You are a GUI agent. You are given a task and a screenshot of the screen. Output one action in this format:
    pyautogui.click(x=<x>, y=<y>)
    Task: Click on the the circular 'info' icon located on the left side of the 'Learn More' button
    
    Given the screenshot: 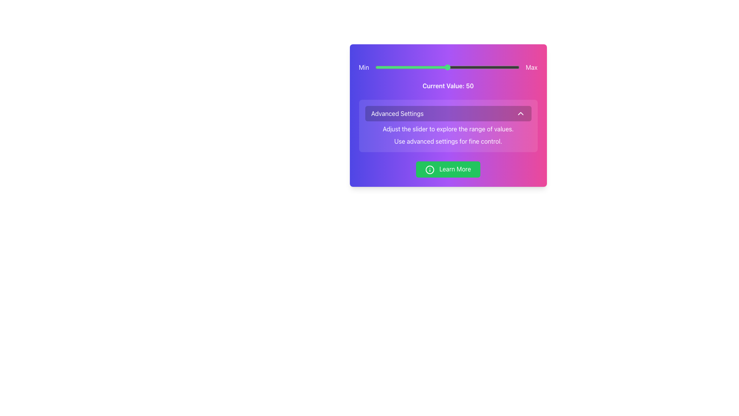 What is the action you would take?
    pyautogui.click(x=430, y=169)
    